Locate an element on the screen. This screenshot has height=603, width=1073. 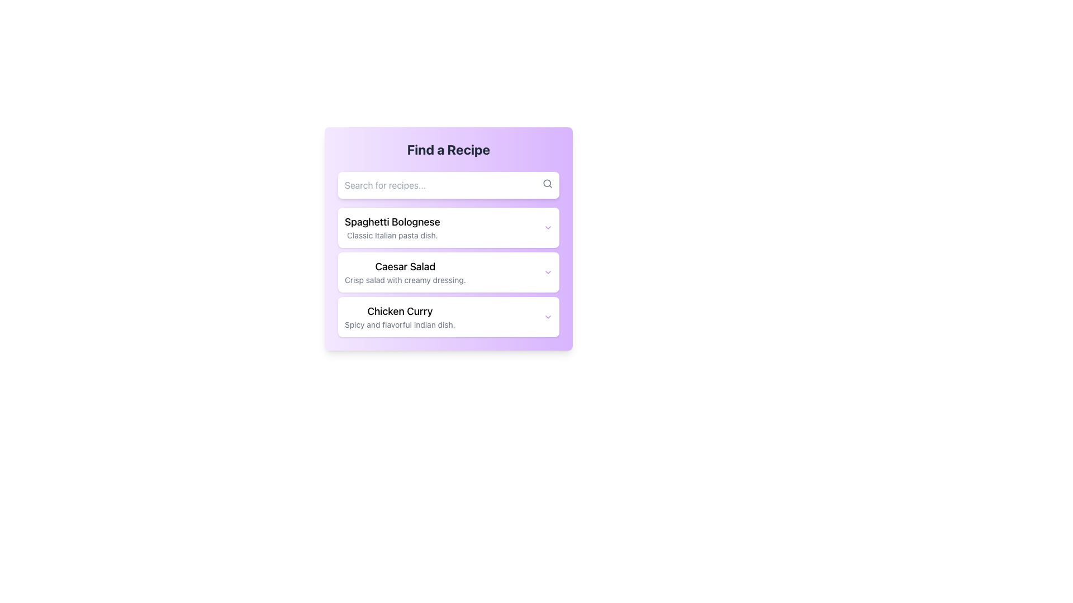
text content of the gray styled text snippet that says 'Classic Italian pasta dish.' located directly beneath the 'Spaghetti Bolognese' title is located at coordinates (392, 234).